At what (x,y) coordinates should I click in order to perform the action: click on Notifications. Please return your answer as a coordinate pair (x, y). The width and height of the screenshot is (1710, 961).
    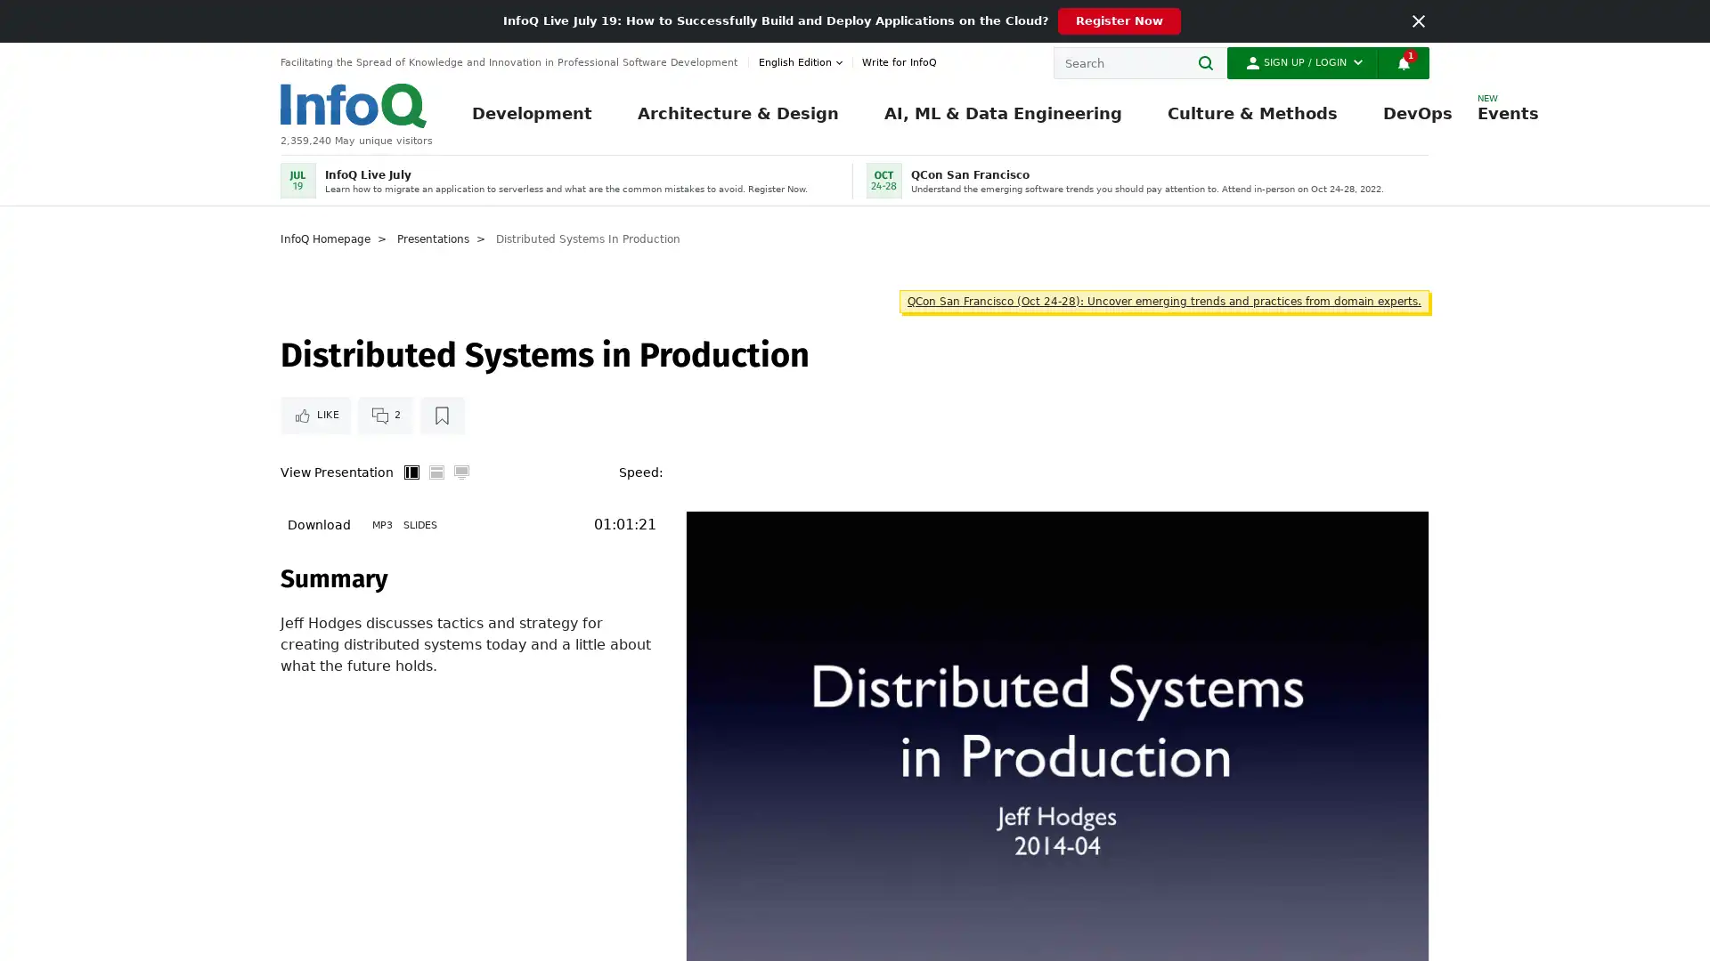
    Looking at the image, I should click on (1402, 61).